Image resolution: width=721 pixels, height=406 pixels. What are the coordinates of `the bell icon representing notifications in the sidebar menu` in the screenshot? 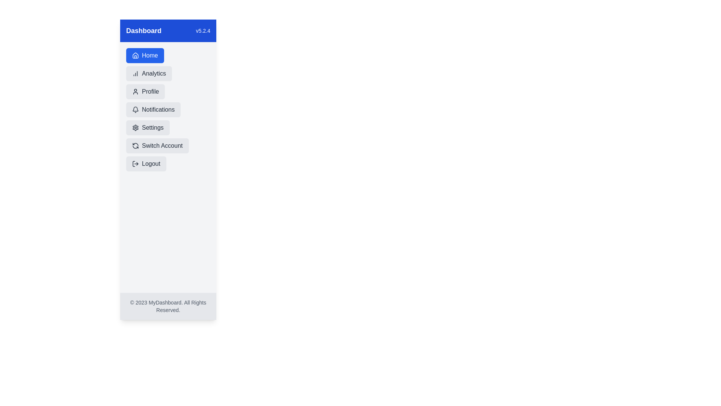 It's located at (135, 110).